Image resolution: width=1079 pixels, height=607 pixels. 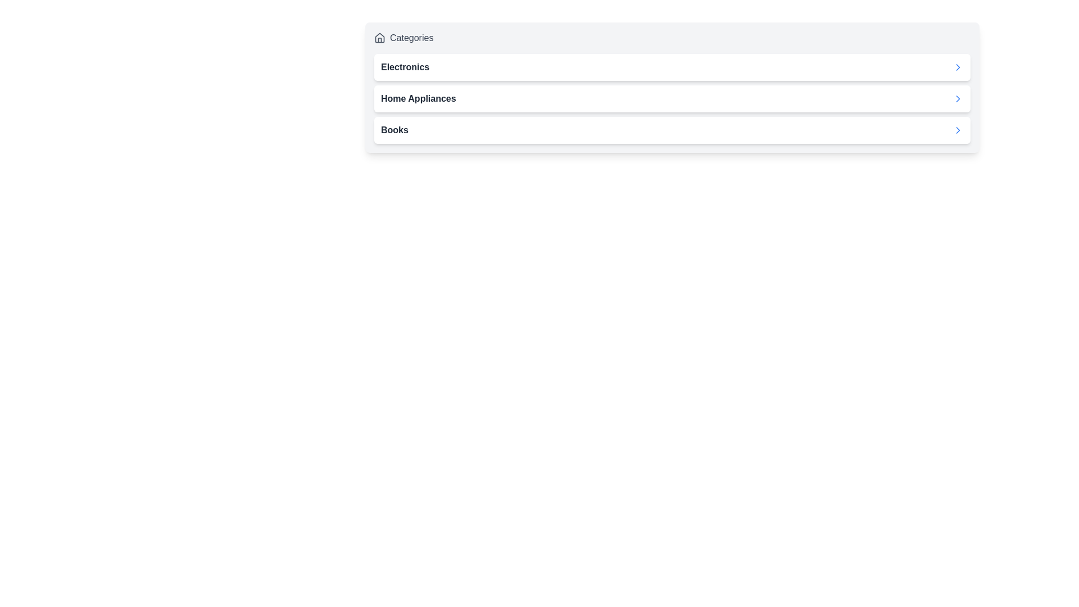 I want to click on the decorative home icon located at the top-left corner of the 'Categories' section header, so click(x=380, y=38).